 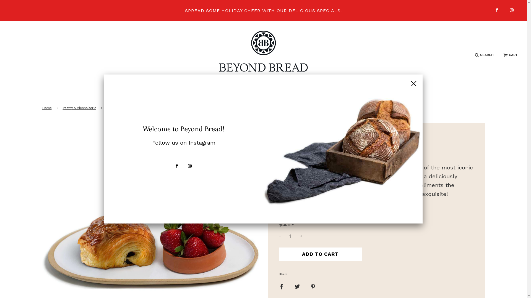 What do you see at coordinates (48, 108) in the screenshot?
I see `'Home'` at bounding box center [48, 108].